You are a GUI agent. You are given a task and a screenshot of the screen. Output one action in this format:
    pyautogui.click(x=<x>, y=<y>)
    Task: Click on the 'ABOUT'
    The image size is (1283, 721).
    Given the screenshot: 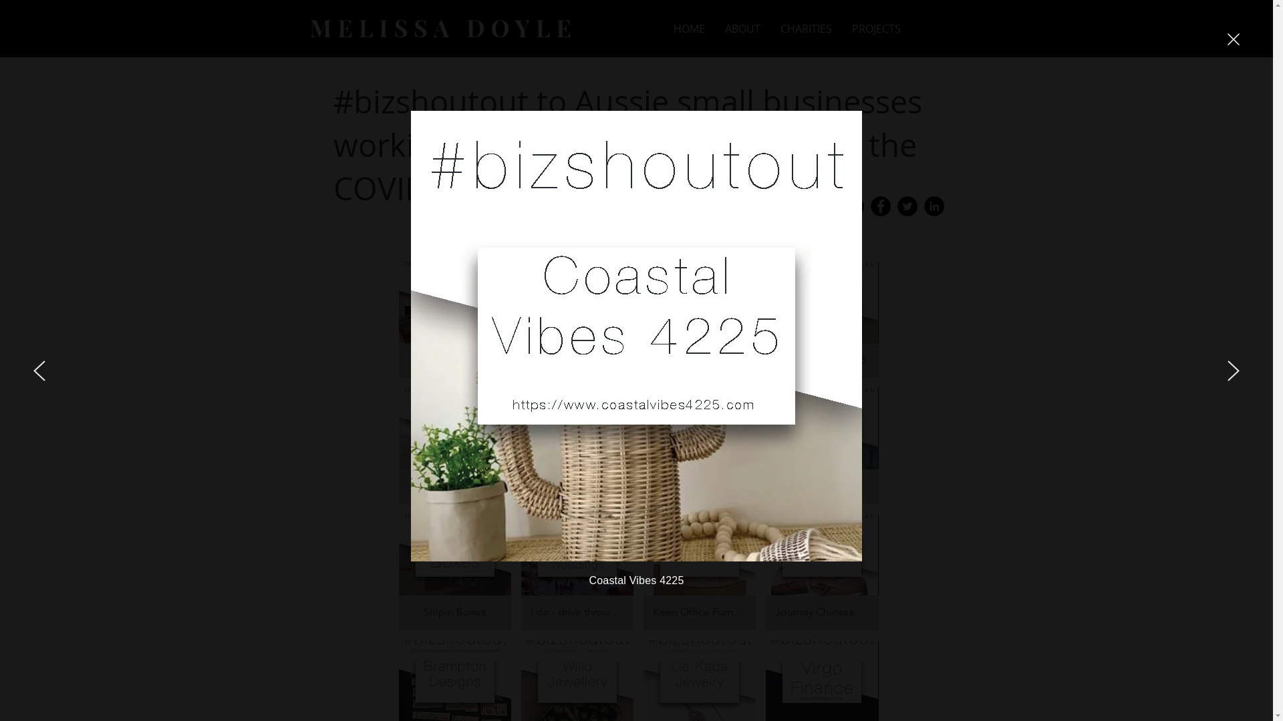 What is the action you would take?
    pyautogui.click(x=742, y=29)
    